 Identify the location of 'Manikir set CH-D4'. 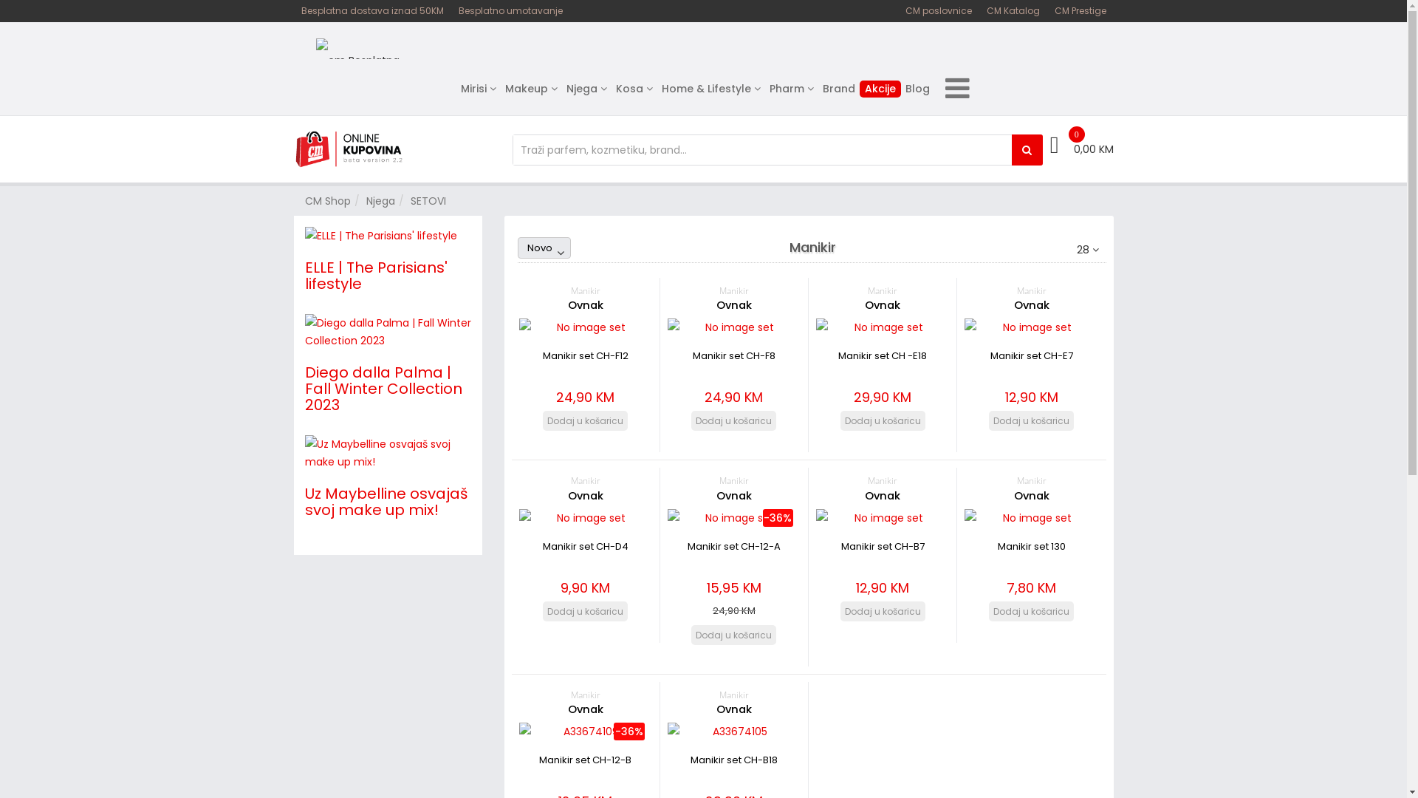
(584, 546).